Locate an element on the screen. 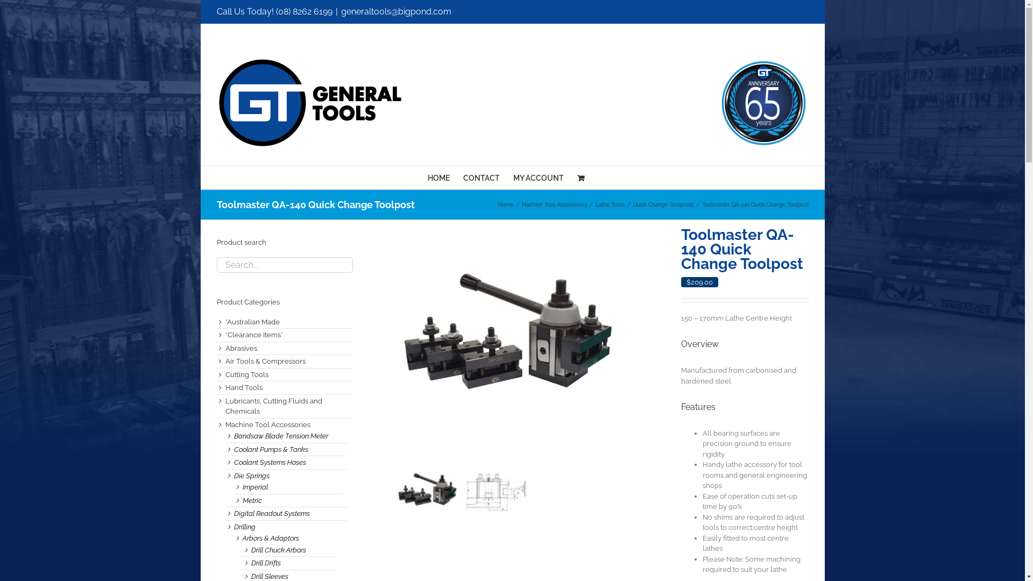 The height and width of the screenshot is (581, 1033). 'Arbors & Adaptors' is located at coordinates (270, 538).